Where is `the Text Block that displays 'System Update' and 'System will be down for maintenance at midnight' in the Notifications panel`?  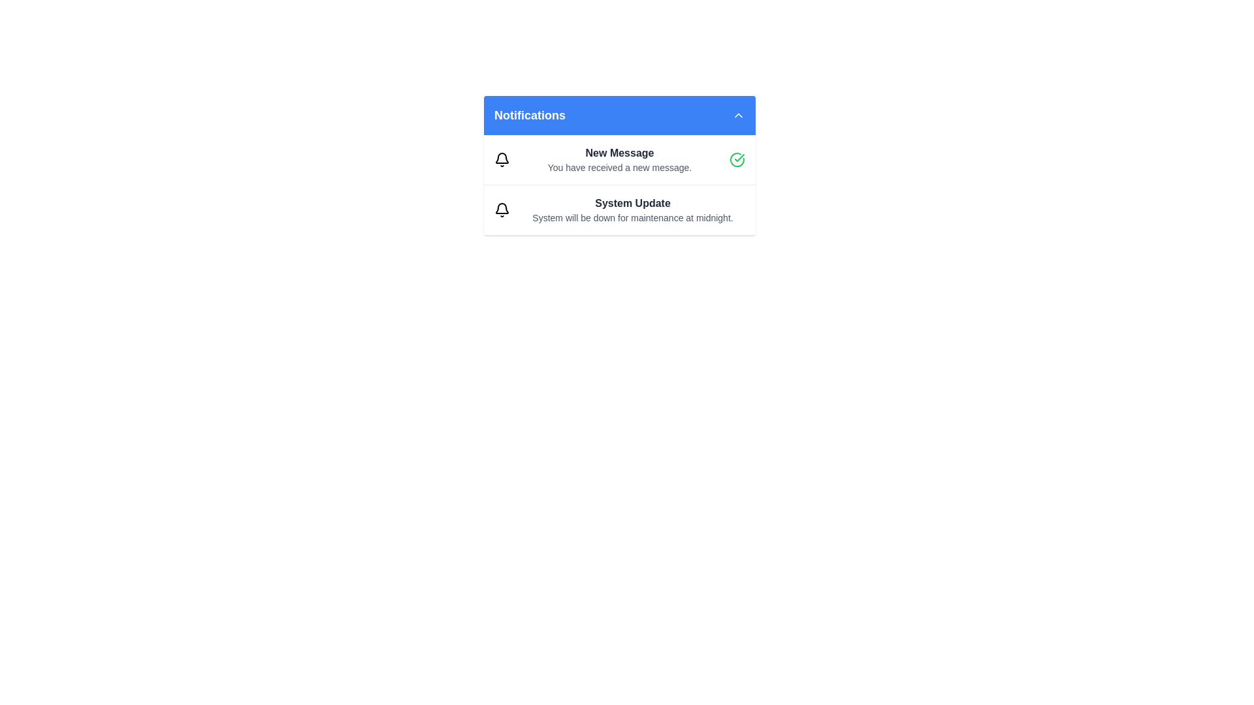 the Text Block that displays 'System Update' and 'System will be down for maintenance at midnight' in the Notifications panel is located at coordinates (633, 209).